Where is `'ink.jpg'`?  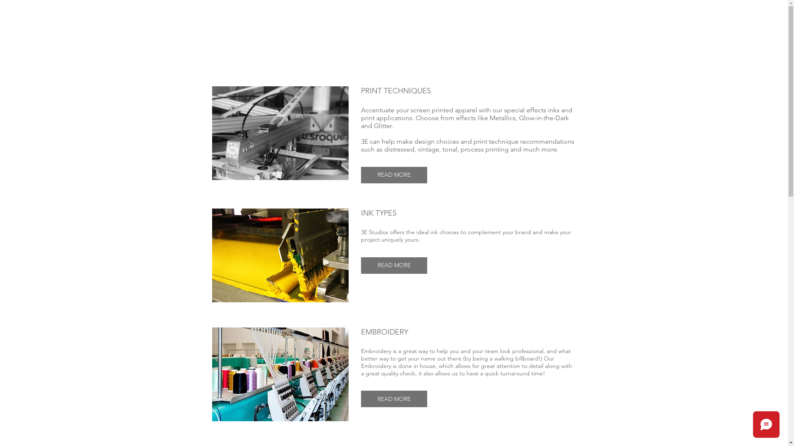
'ink.jpg' is located at coordinates (280, 255).